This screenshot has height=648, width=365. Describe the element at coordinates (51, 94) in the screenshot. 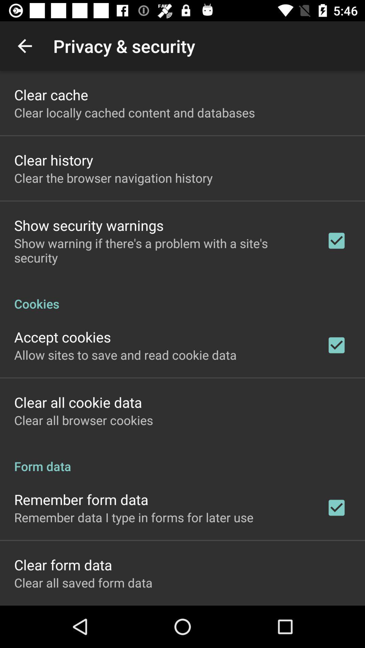

I see `the clear cache app` at that location.